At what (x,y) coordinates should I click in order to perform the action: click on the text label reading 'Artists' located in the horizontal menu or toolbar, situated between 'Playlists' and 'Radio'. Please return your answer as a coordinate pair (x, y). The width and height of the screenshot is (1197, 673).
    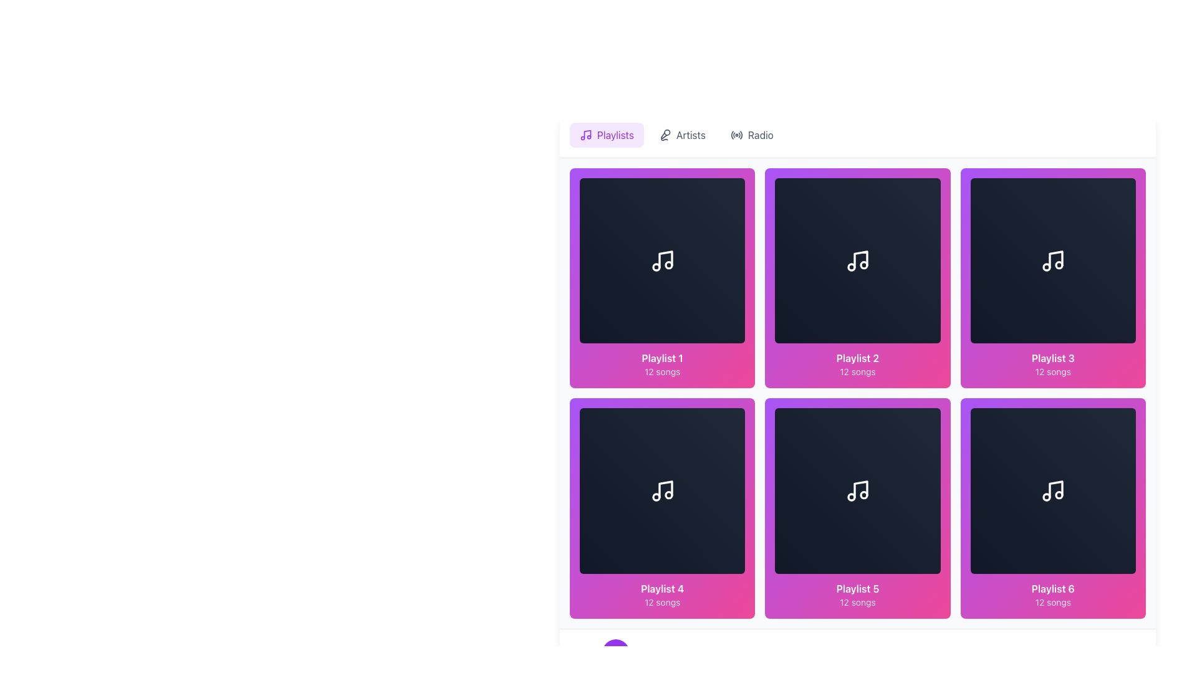
    Looking at the image, I should click on (690, 135).